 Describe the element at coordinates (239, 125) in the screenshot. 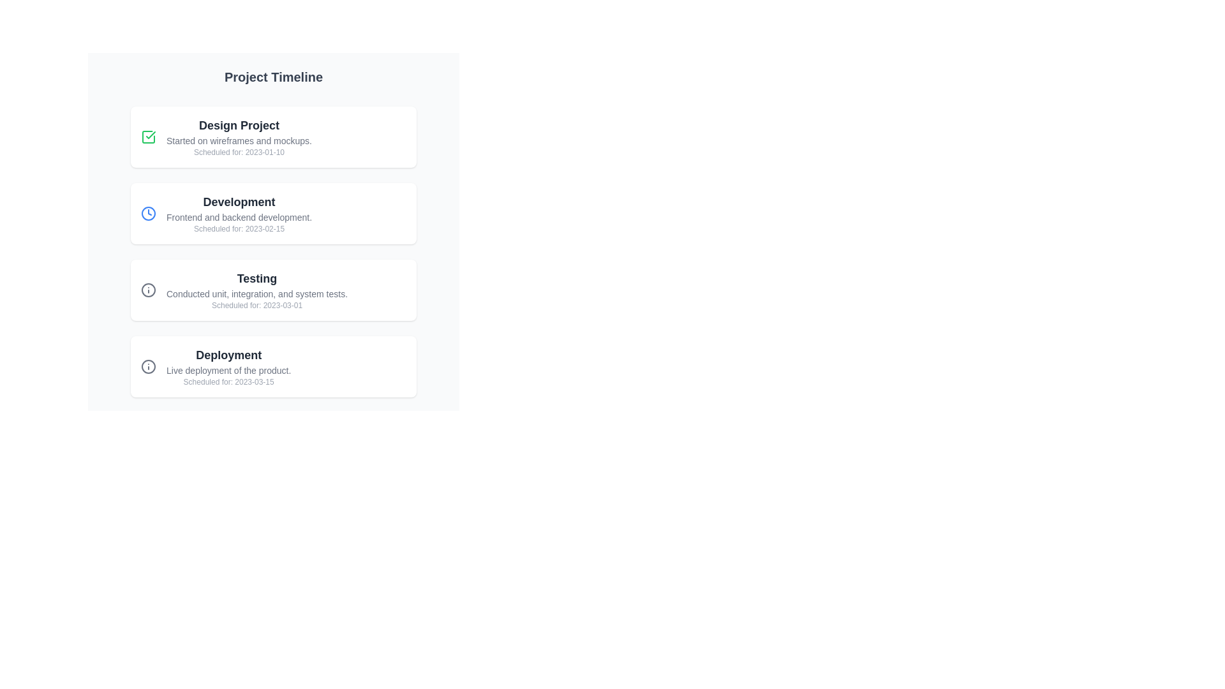

I see `the text element displaying 'Design Project', which is the first text within a white rectangular card at the top, styled in a bold serif font and dark gray color` at that location.